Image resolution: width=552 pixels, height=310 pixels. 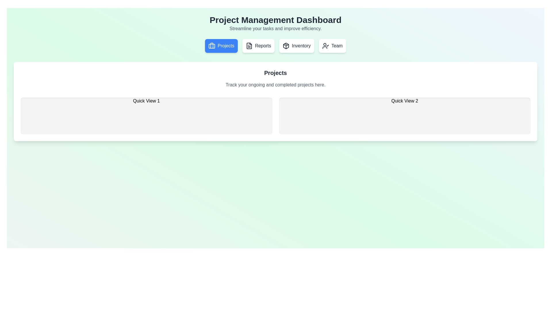 I want to click on text of the 'Reports' label, which is the second item in the horizontal menu group at the top of the interface, positioned between 'Projects' and 'Inventory', so click(x=262, y=45).